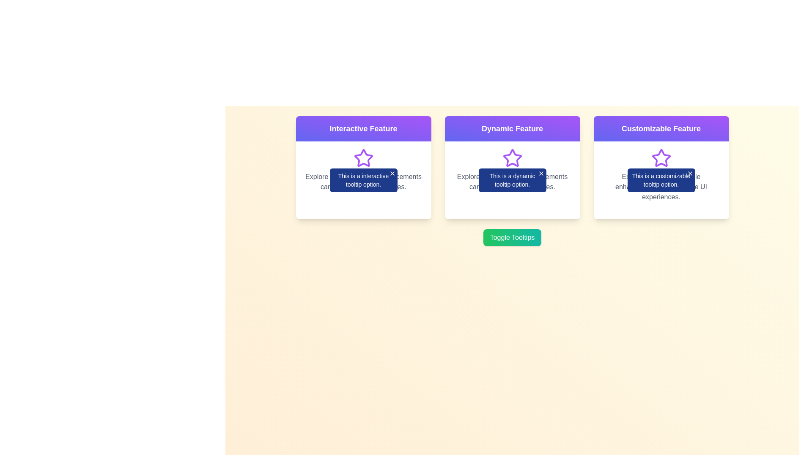 The height and width of the screenshot is (456, 812). Describe the element at coordinates (363, 128) in the screenshot. I see `the text label that serves as the title of the first card, located at the top-center of the card` at that location.